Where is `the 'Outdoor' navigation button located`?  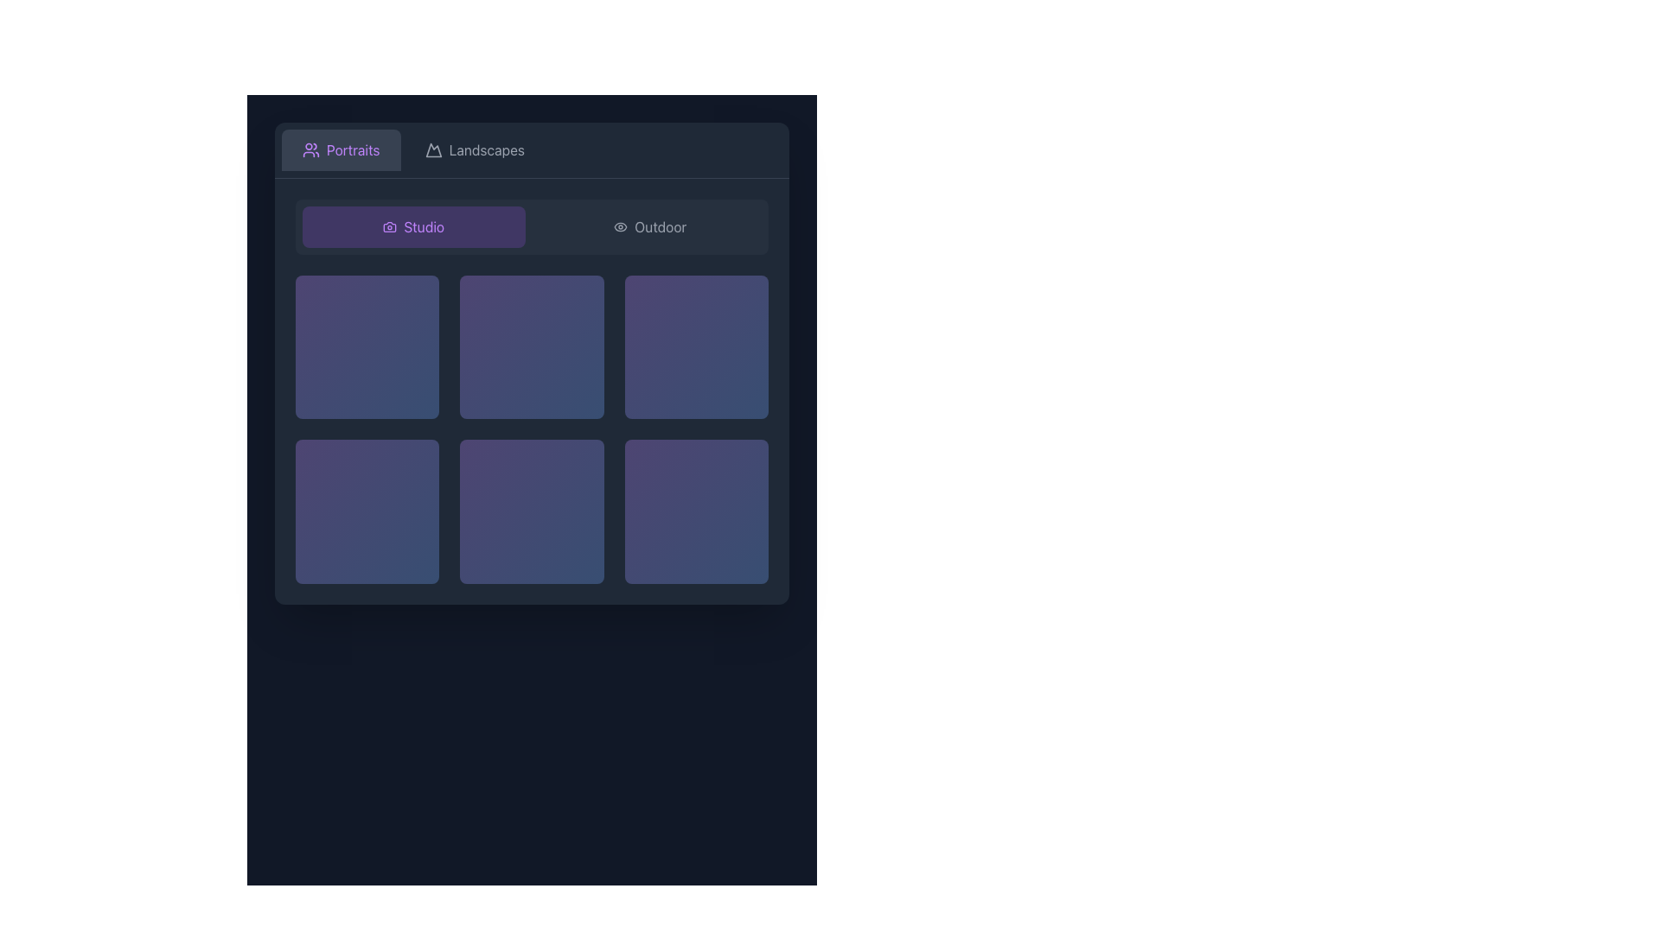 the 'Outdoor' navigation button located is located at coordinates (649, 225).